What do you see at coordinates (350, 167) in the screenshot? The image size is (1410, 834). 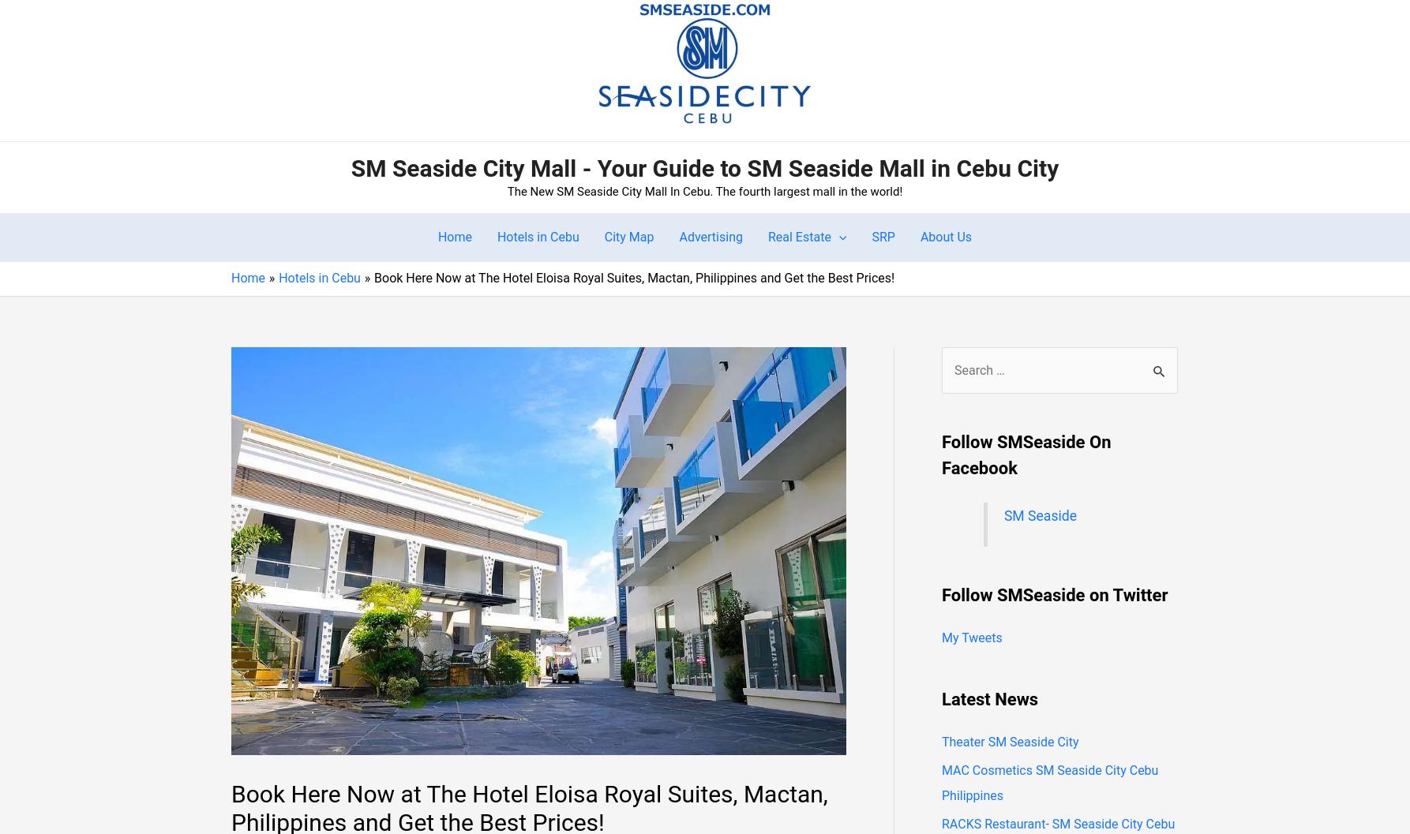 I see `'SM Seaside City Mall - Your Guide to SM Seaside Mall in Cebu City'` at bounding box center [350, 167].